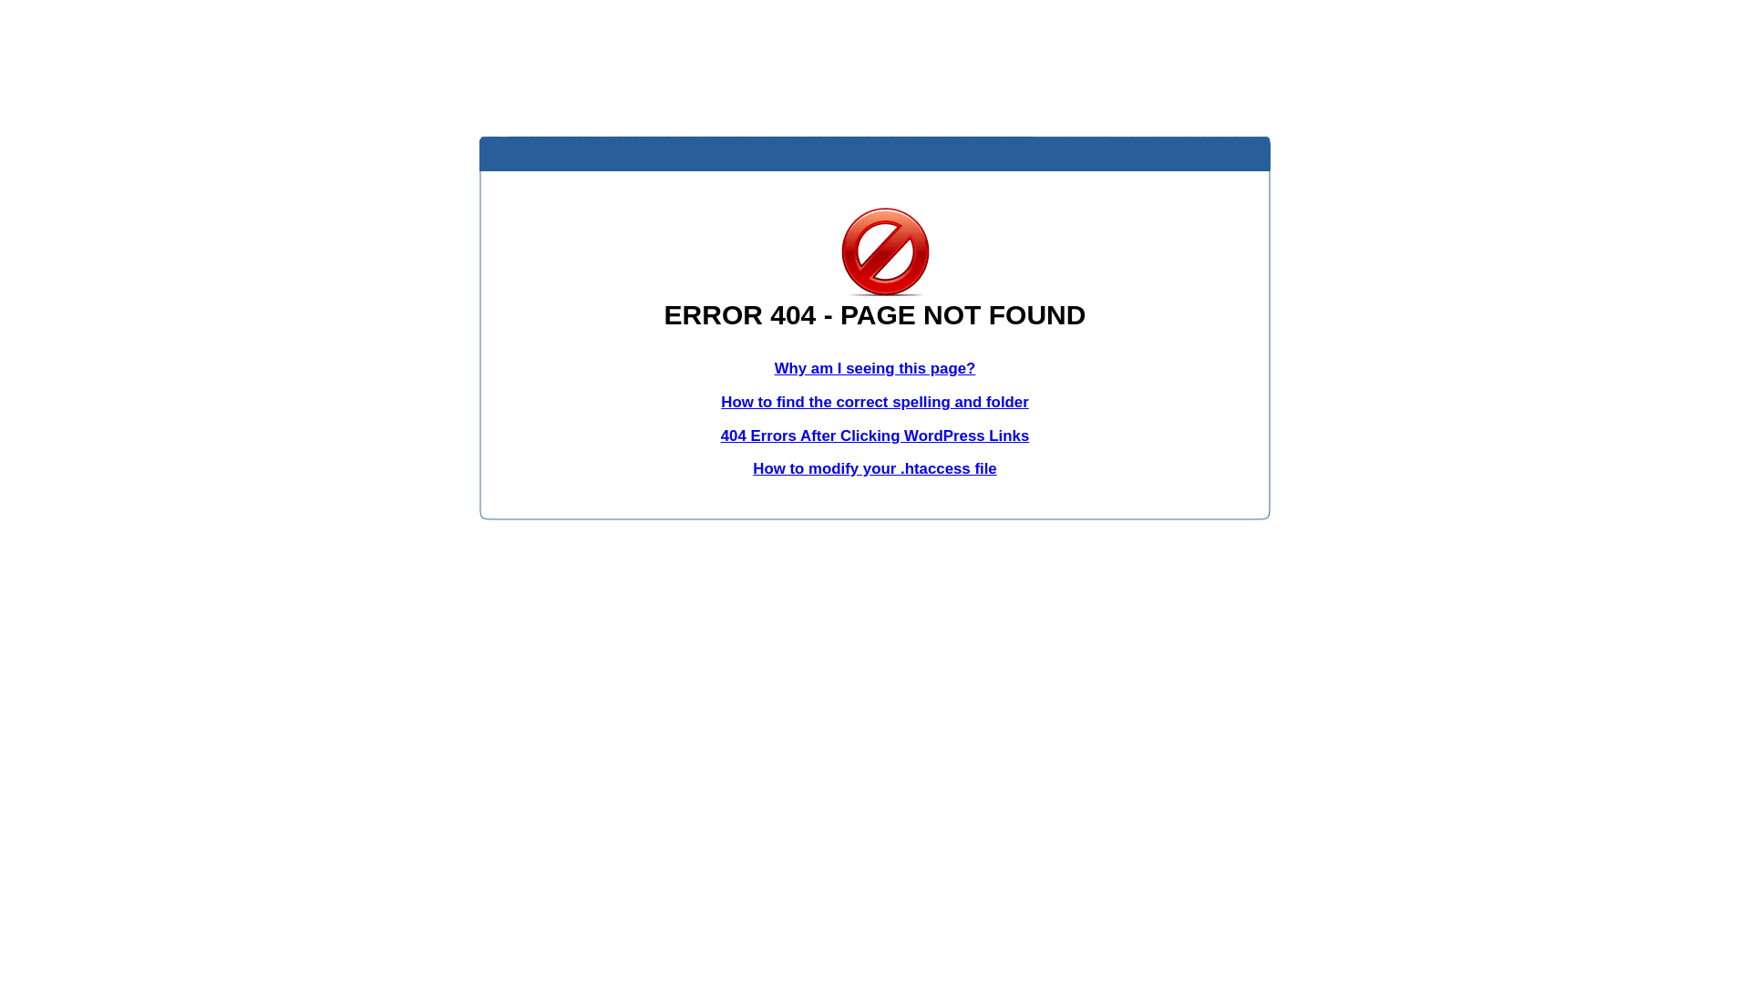  What do you see at coordinates (720, 436) in the screenshot?
I see `'404 Errors After Clicking WordPress Links'` at bounding box center [720, 436].